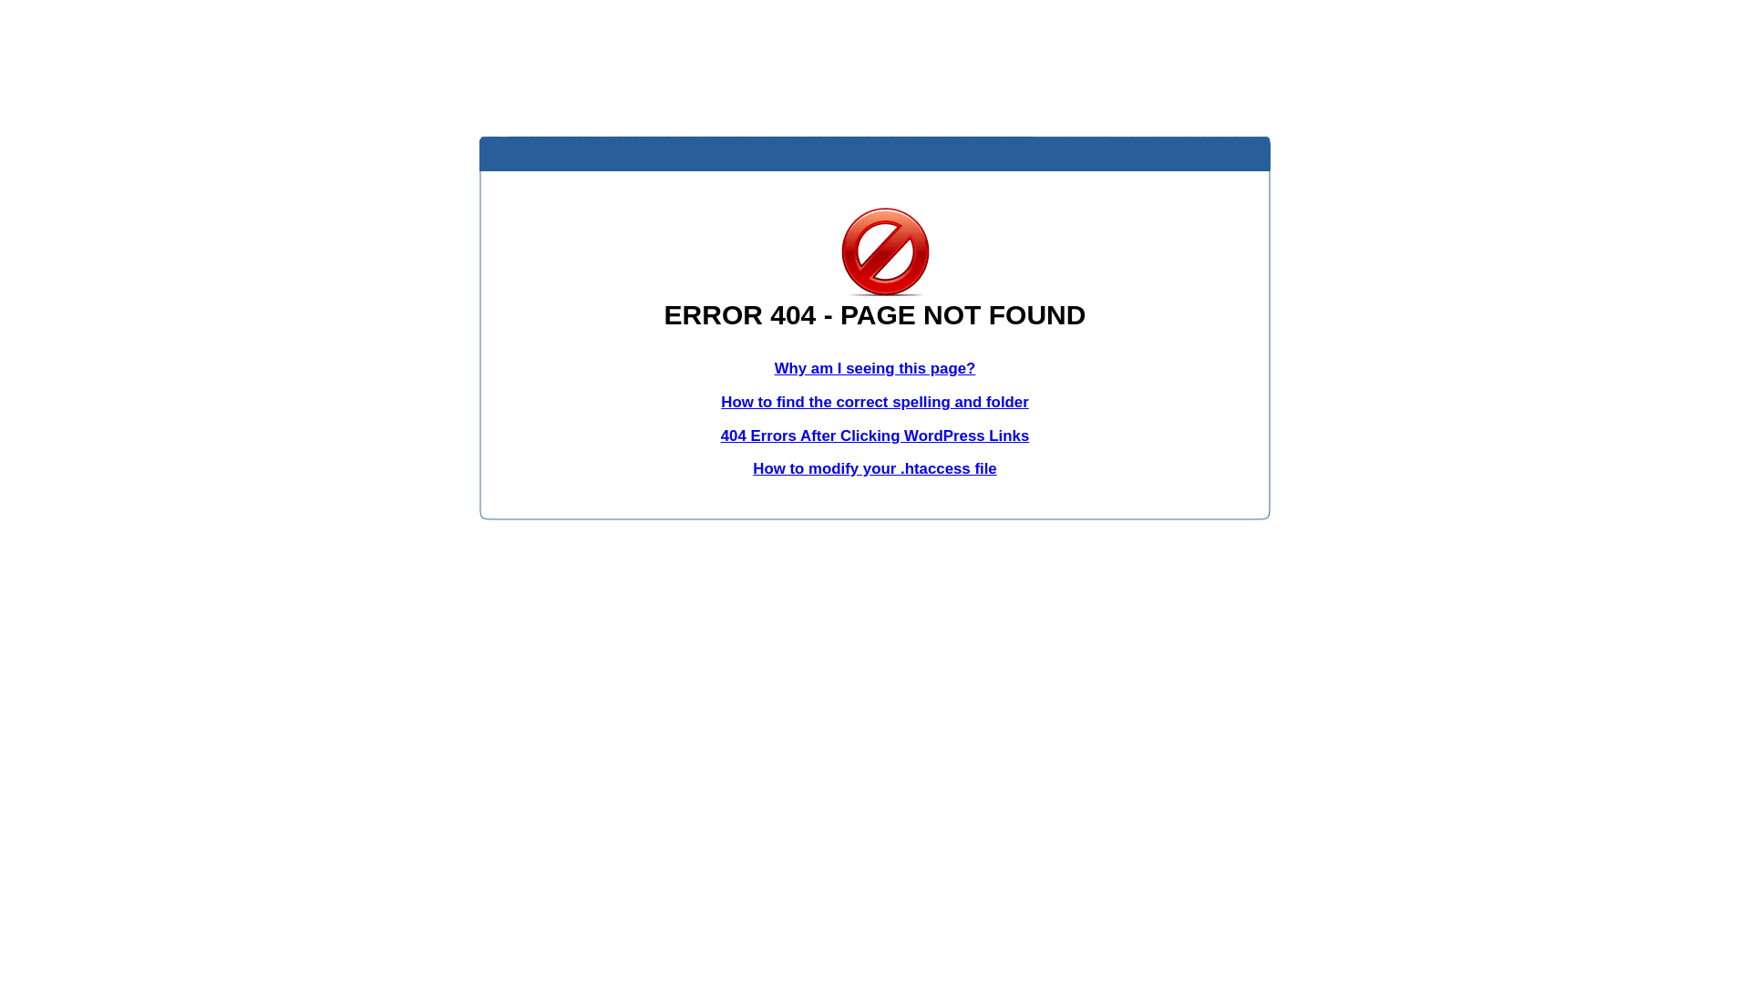  What do you see at coordinates (720, 436) in the screenshot?
I see `'404 Errors After Clicking WordPress Links'` at bounding box center [720, 436].